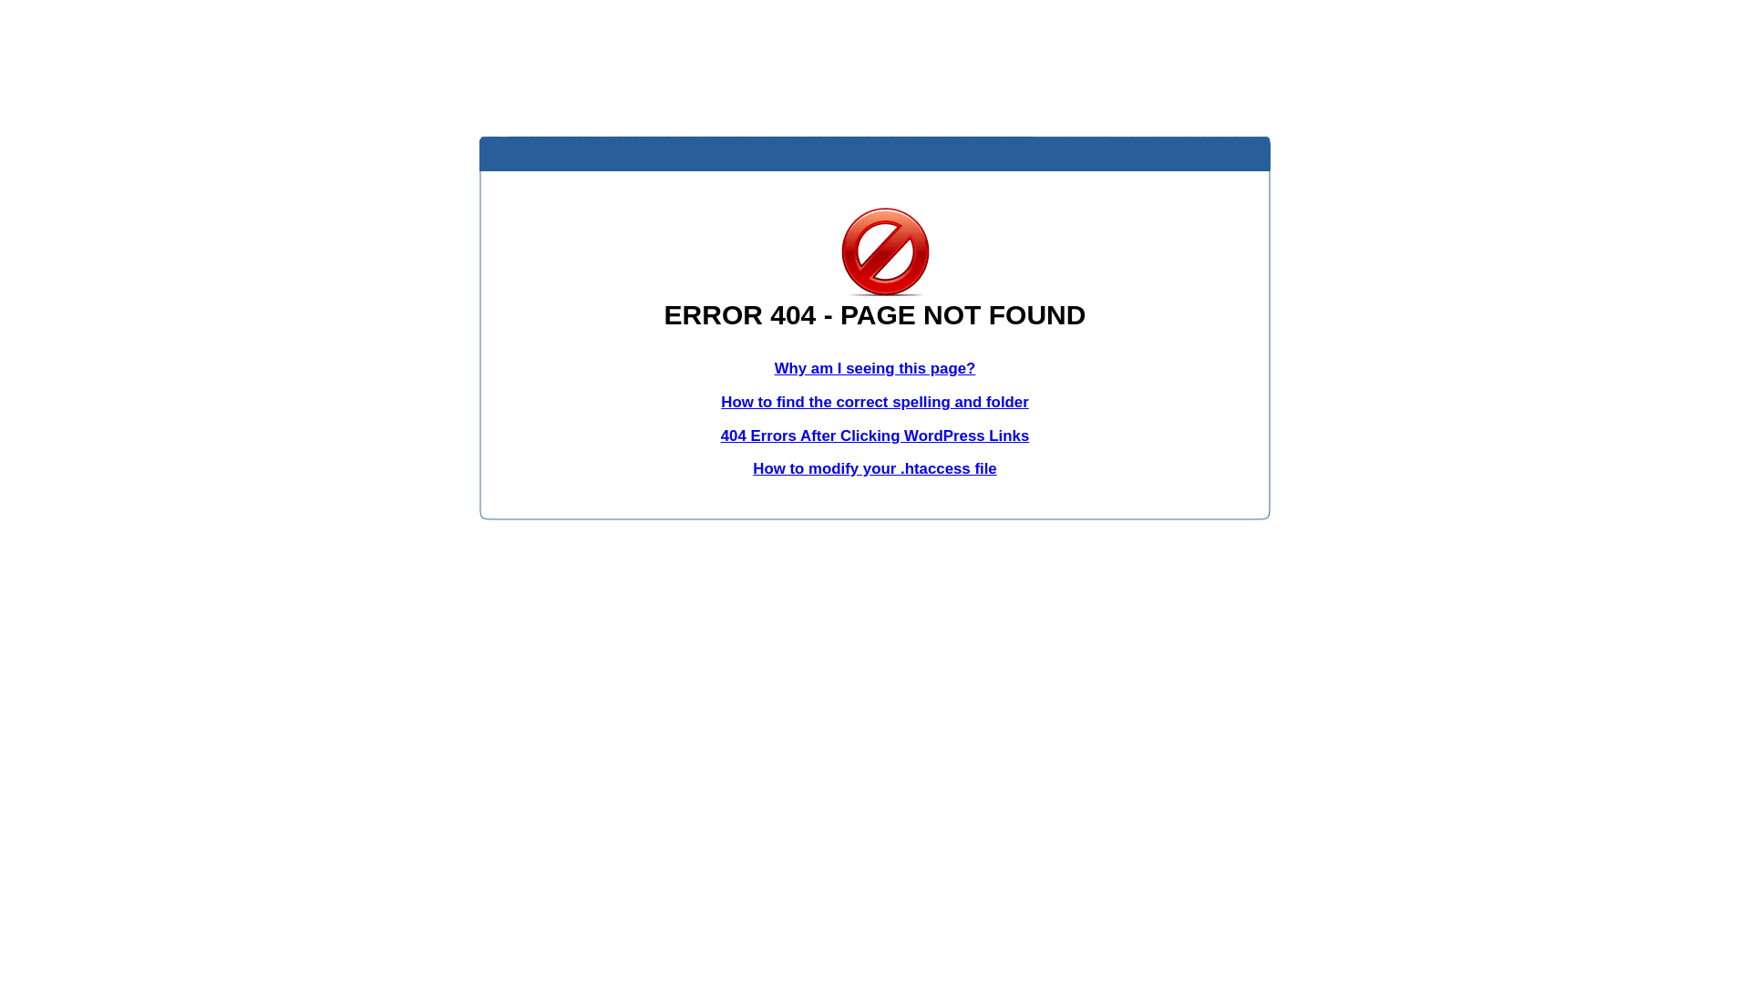  What do you see at coordinates (720, 436) in the screenshot?
I see `'404 Errors After Clicking WordPress Links'` at bounding box center [720, 436].